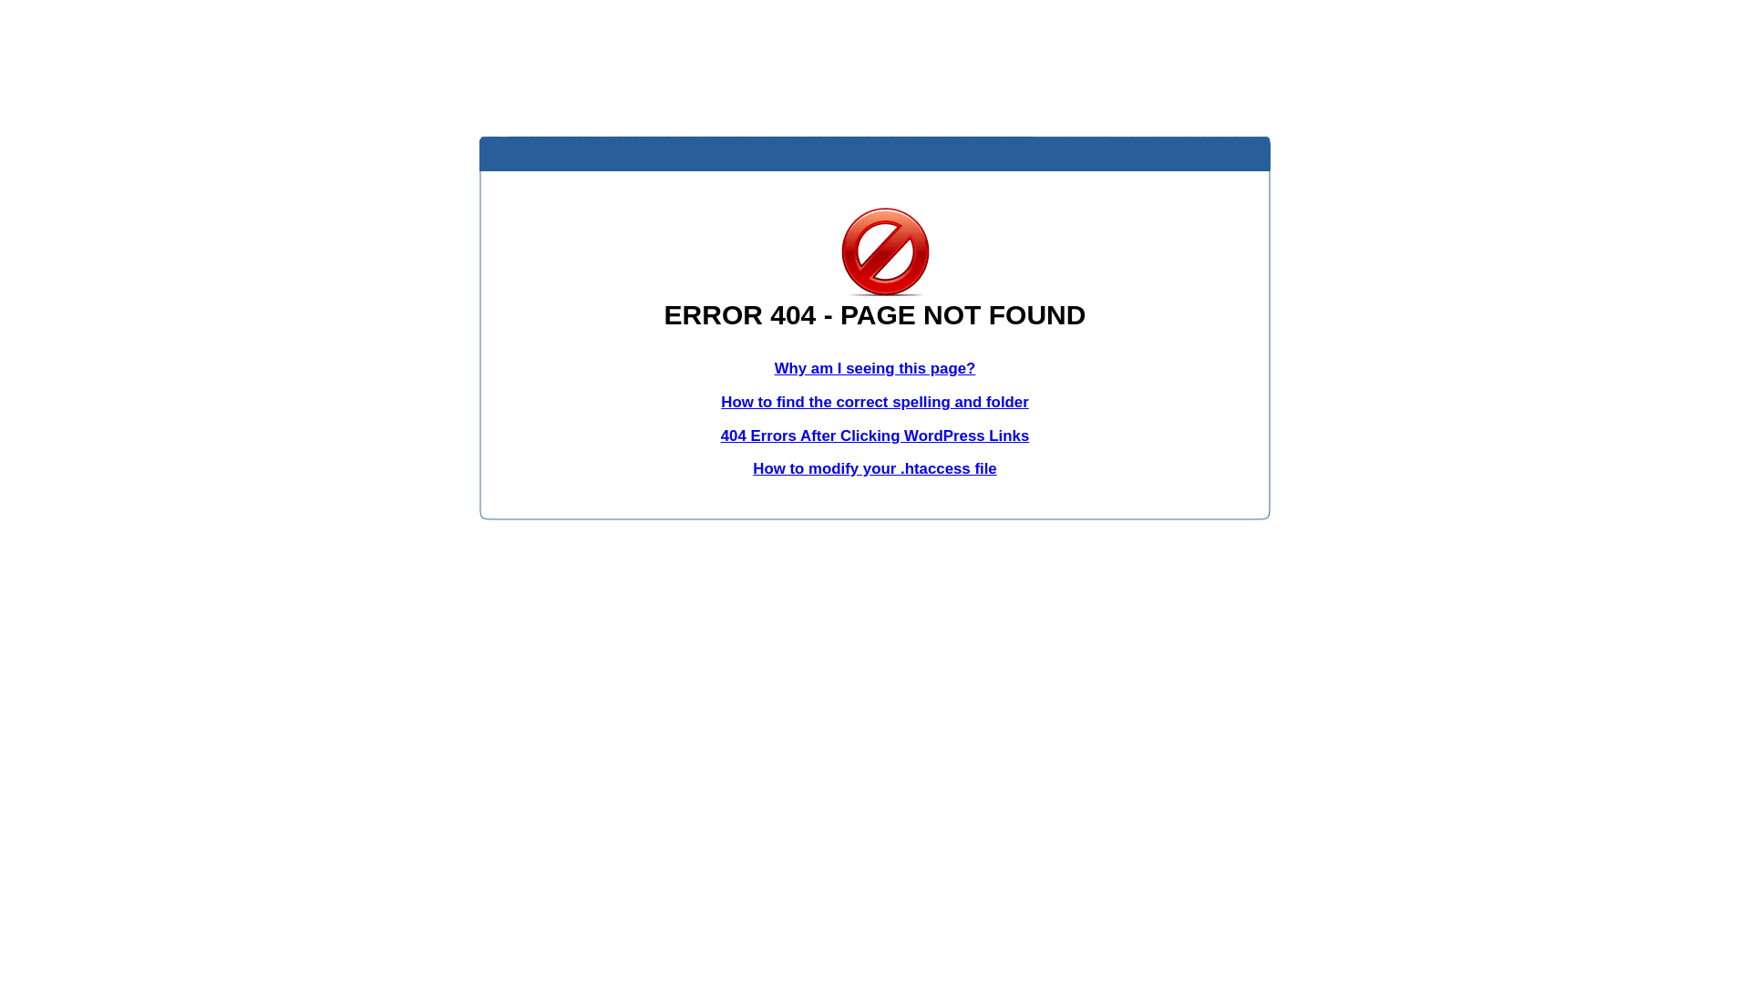  What do you see at coordinates (720, 436) in the screenshot?
I see `'404 Errors After Clicking WordPress Links'` at bounding box center [720, 436].